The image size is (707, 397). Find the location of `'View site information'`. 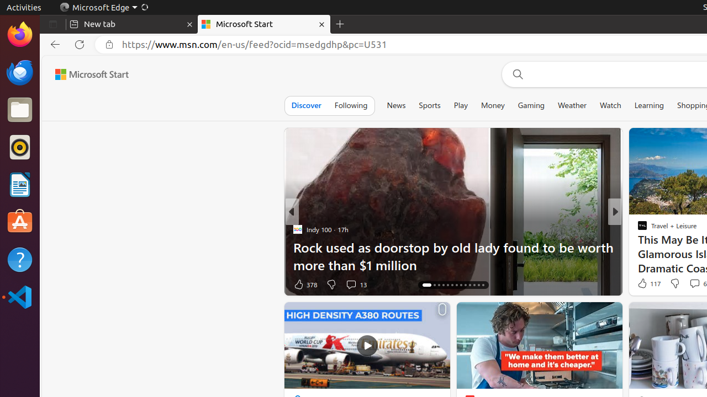

'View site information' is located at coordinates (109, 44).